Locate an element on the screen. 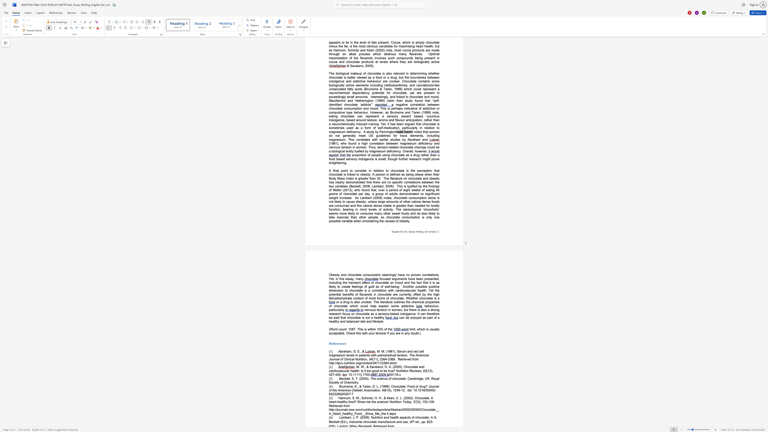  the subset text "ticularly" within the text "behaviour, particularly" is located at coordinates (333, 310).